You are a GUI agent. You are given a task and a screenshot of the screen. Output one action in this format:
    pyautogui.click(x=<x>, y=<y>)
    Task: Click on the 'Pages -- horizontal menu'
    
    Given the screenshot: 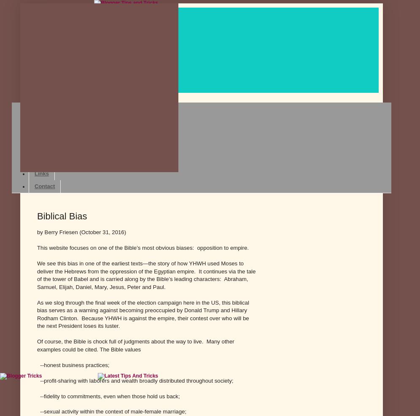 What is the action you would take?
    pyautogui.click(x=52, y=95)
    